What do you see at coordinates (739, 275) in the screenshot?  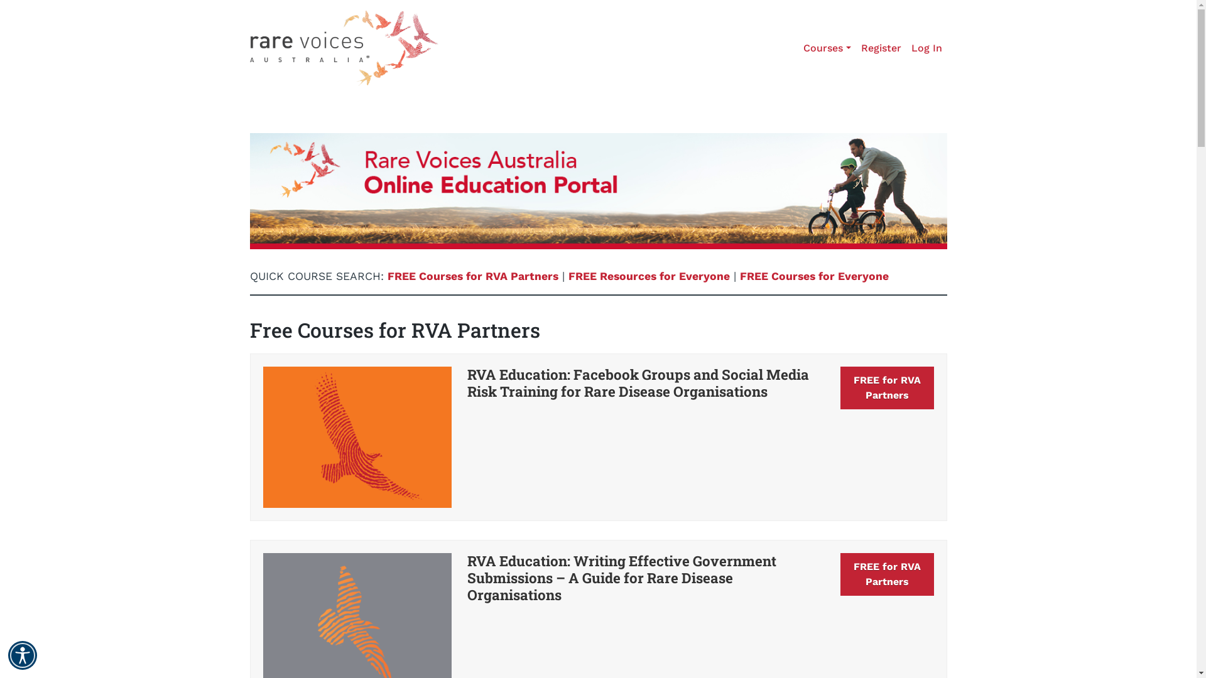 I see `'FREE Courses for Everyone'` at bounding box center [739, 275].